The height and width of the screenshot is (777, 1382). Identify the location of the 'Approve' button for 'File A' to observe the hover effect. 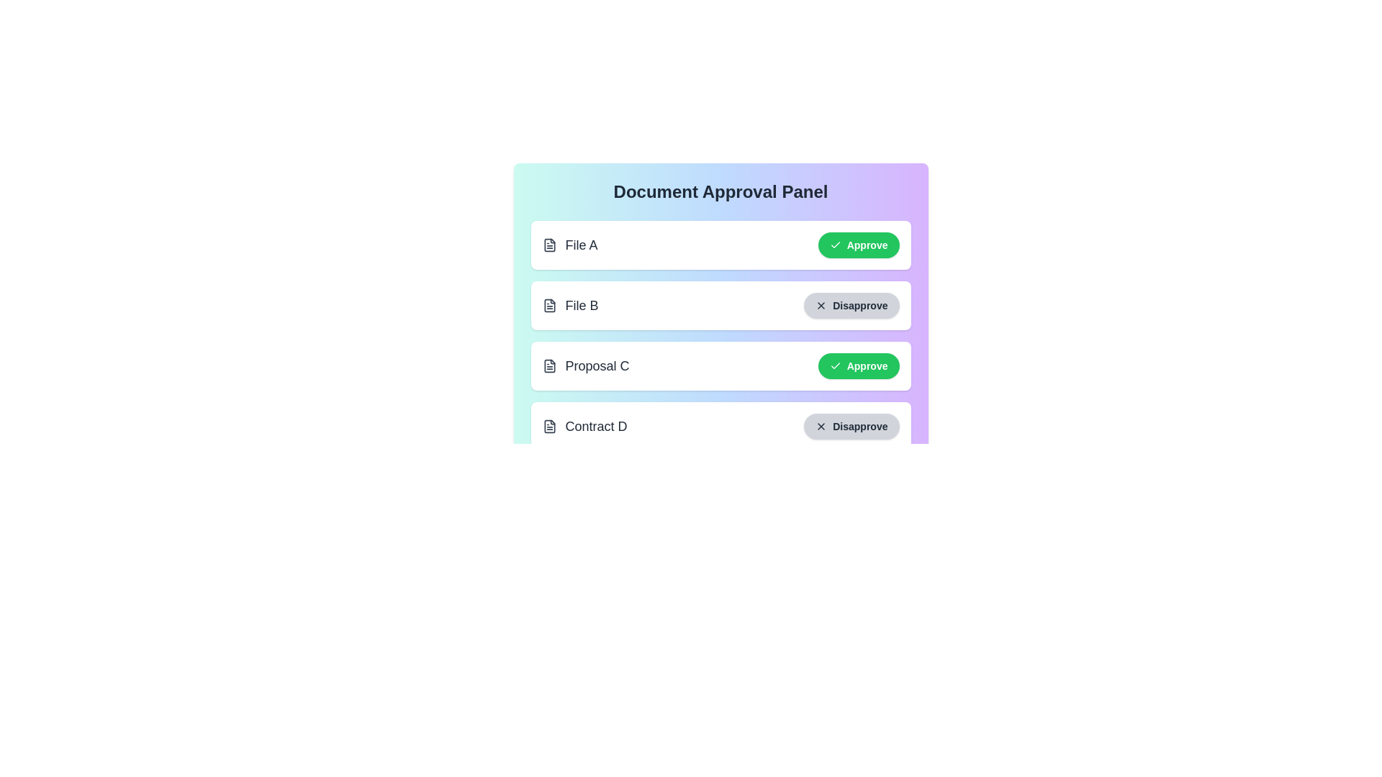
(859, 244).